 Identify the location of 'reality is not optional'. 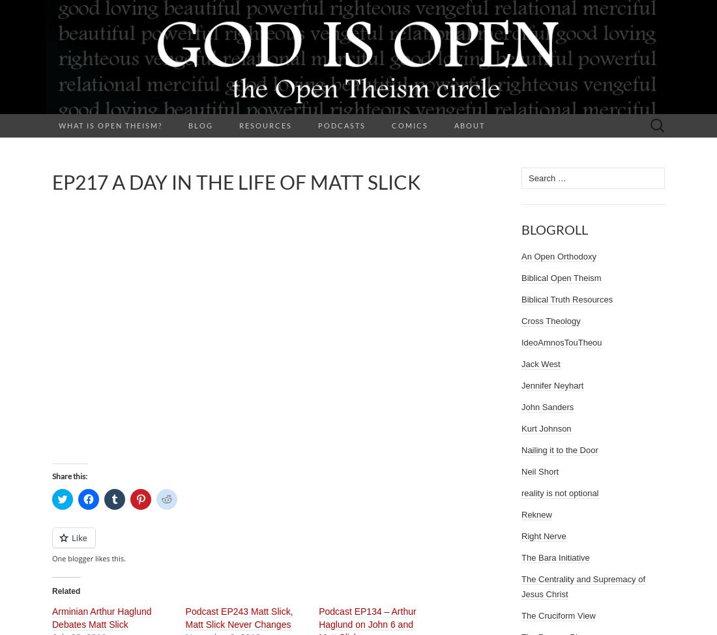
(559, 492).